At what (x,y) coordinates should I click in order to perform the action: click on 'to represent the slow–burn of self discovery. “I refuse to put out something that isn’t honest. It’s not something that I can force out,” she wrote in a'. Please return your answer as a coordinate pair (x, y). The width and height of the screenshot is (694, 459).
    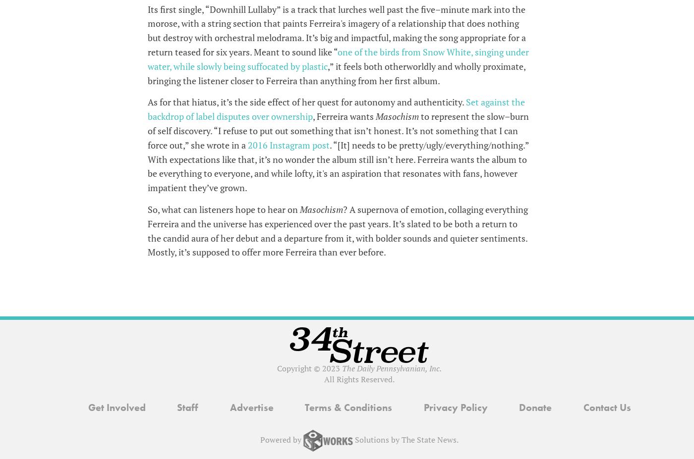
    Looking at the image, I should click on (147, 130).